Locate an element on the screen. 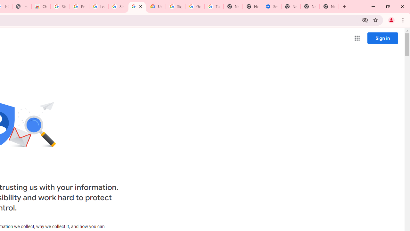 Image resolution: width=410 pixels, height=231 pixels. 'Sign in - Google Accounts' is located at coordinates (60, 6).